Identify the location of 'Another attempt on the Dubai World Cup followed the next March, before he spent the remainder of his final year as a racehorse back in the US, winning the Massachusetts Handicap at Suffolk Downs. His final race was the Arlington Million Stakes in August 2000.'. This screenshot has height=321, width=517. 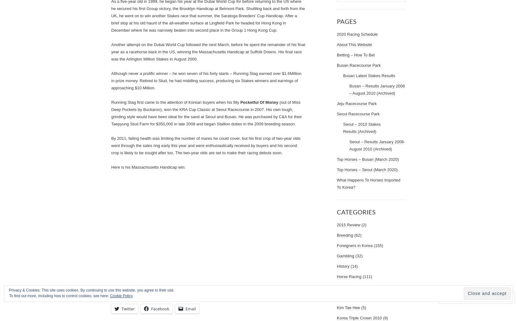
(111, 51).